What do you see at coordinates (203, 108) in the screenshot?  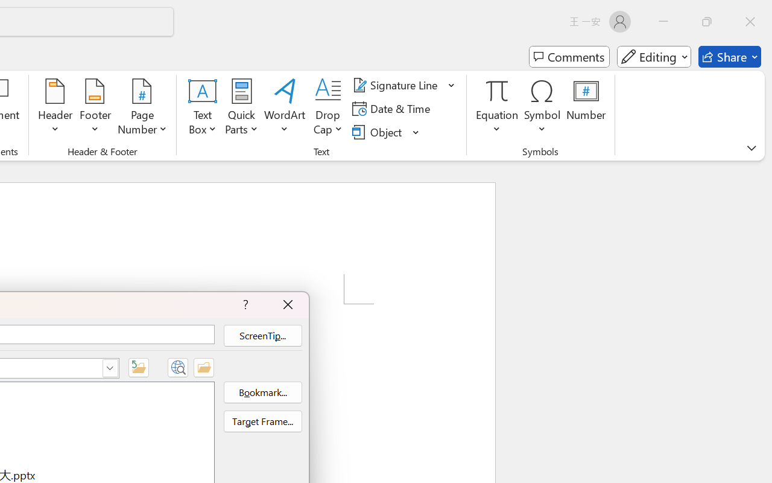 I see `'Text Box'` at bounding box center [203, 108].